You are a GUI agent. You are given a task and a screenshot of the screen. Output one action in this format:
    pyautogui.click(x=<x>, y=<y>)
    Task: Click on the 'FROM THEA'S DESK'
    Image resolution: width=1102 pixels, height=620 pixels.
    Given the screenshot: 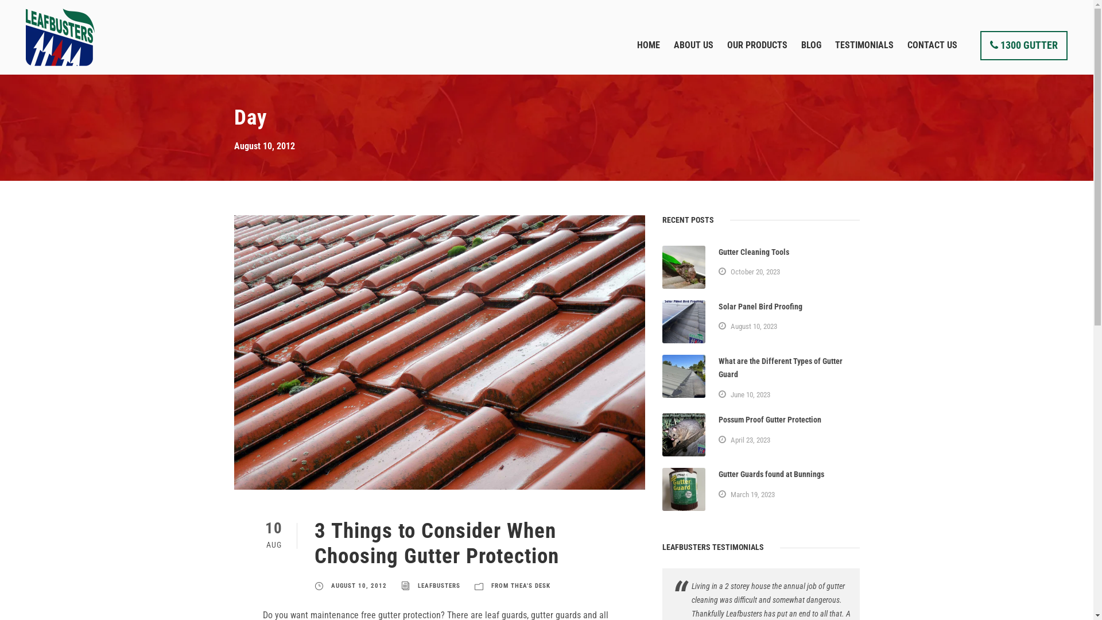 What is the action you would take?
    pyautogui.click(x=520, y=586)
    